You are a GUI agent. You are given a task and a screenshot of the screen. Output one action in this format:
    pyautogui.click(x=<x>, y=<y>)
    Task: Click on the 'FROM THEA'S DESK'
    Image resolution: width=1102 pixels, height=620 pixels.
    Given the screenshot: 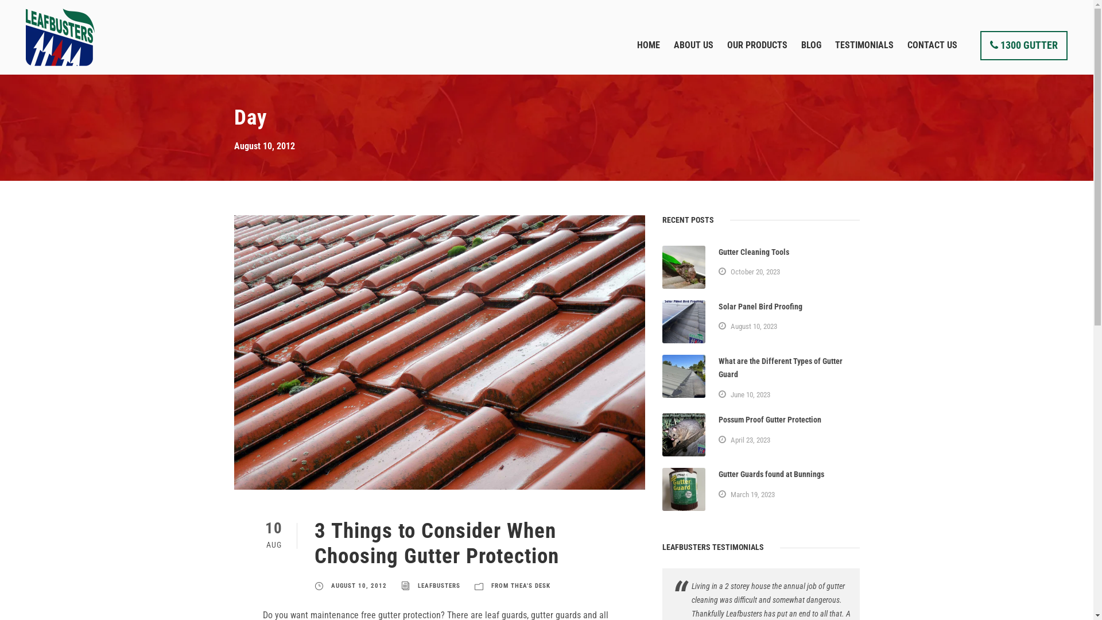 What is the action you would take?
    pyautogui.click(x=520, y=586)
    